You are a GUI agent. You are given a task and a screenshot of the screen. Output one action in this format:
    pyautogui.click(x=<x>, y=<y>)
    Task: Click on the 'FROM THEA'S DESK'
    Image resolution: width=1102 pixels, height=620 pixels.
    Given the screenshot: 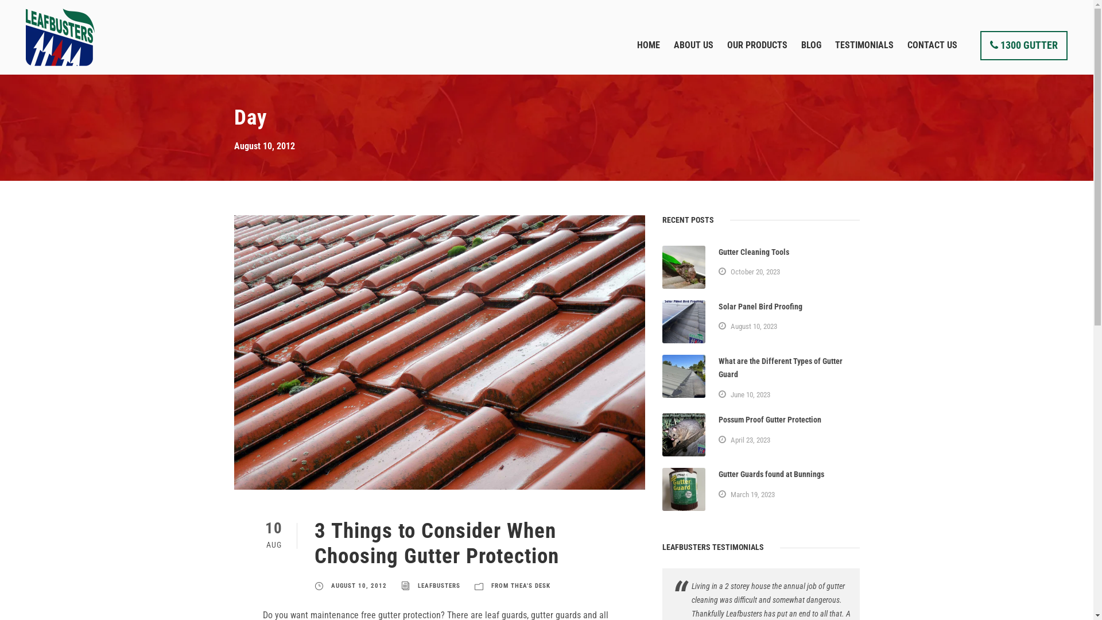 What is the action you would take?
    pyautogui.click(x=520, y=586)
    